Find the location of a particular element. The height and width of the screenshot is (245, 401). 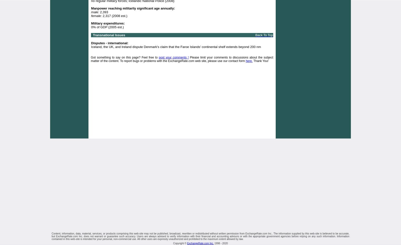

'Thank You!' is located at coordinates (260, 61).